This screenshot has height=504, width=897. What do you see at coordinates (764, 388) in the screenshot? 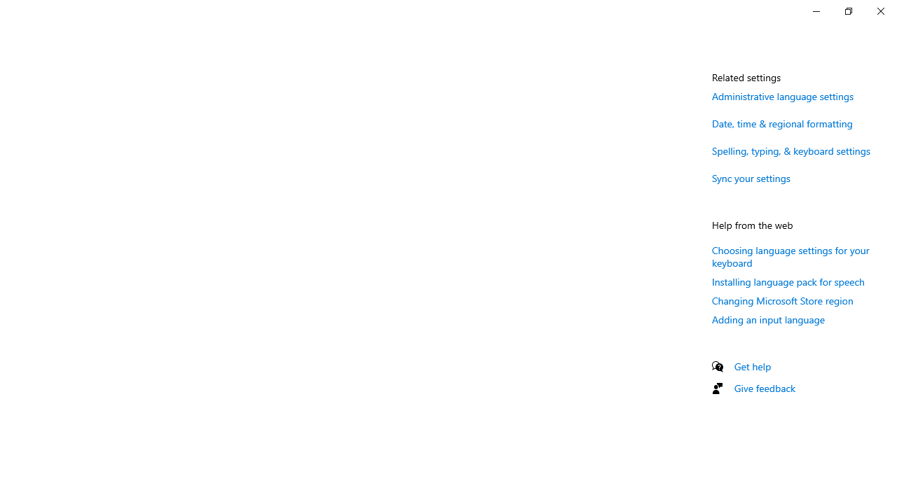
I see `'Give feedback'` at bounding box center [764, 388].